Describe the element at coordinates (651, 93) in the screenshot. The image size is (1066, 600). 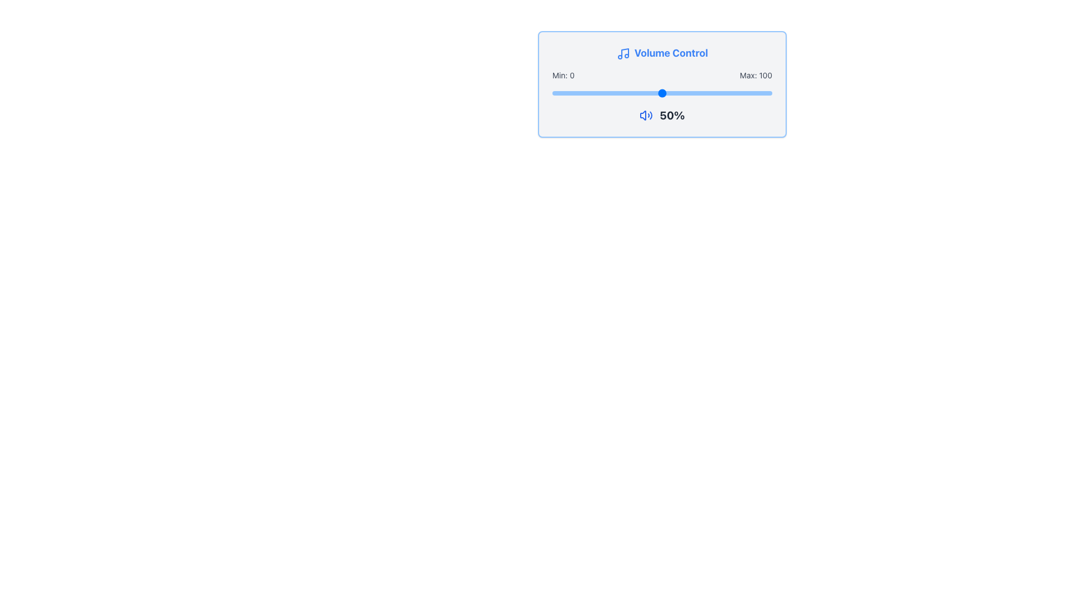
I see `the slider` at that location.